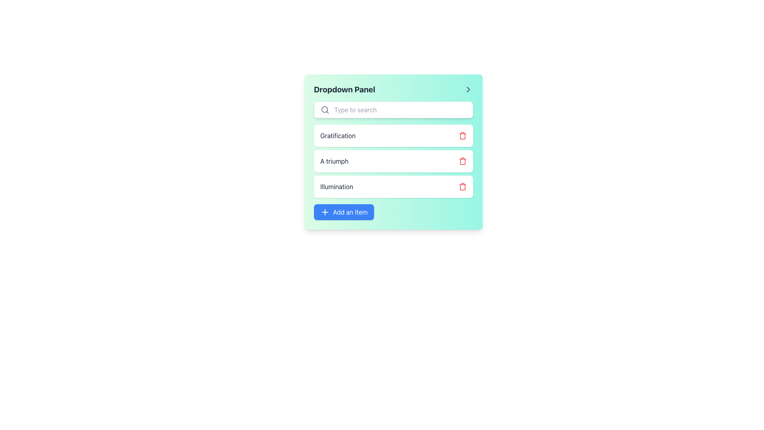 This screenshot has height=430, width=764. I want to click on the red trash can icon located on the far right side of the 'Gratification' label, so click(462, 135).